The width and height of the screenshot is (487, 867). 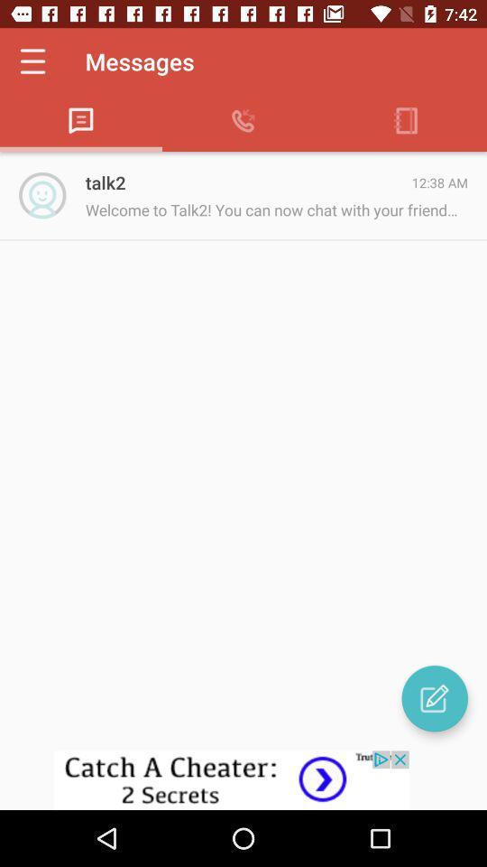 I want to click on new message, so click(x=434, y=697).